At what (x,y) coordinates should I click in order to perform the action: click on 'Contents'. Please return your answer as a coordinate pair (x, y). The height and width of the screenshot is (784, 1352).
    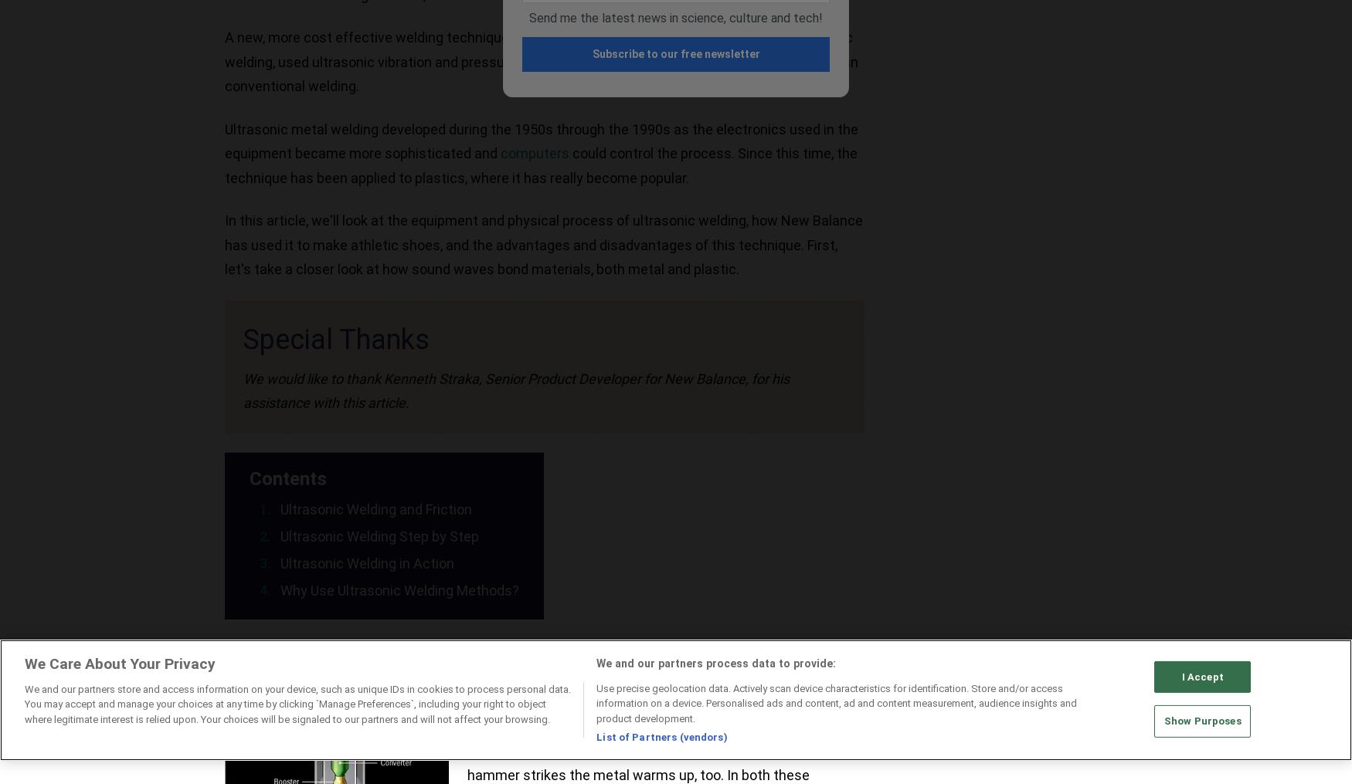
    Looking at the image, I should click on (287, 477).